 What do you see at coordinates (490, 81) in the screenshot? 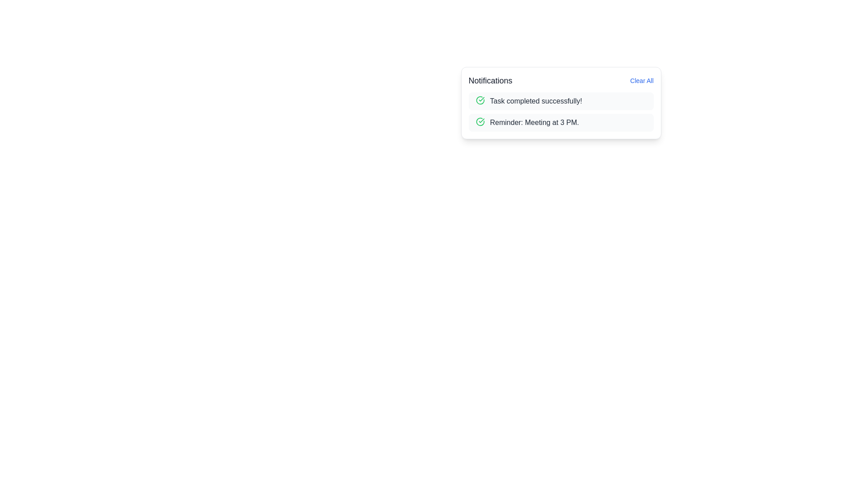
I see `the 'Notifications' text label, which is a large, bold heading in dark gray, located at the top left of the notifications area` at bounding box center [490, 81].